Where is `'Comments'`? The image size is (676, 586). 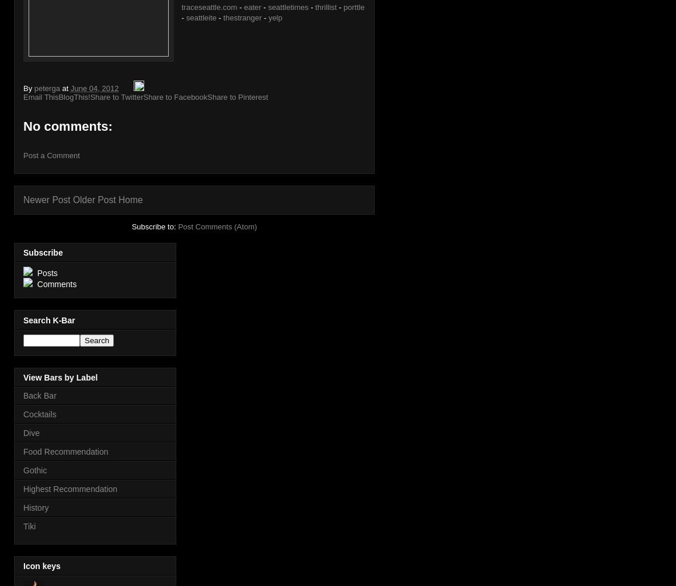 'Comments' is located at coordinates (55, 284).